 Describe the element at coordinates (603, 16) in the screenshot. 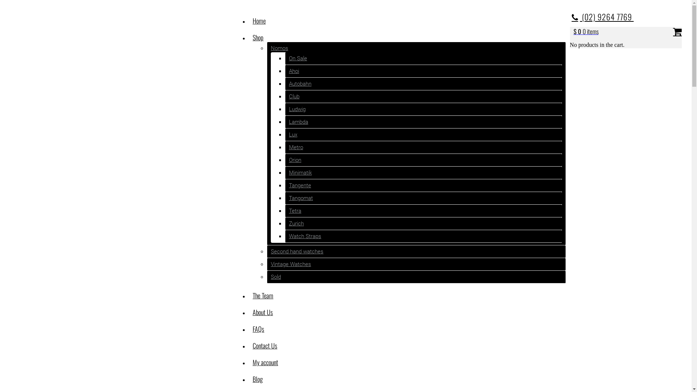

I see `'(02) 9264 7769 '` at that location.